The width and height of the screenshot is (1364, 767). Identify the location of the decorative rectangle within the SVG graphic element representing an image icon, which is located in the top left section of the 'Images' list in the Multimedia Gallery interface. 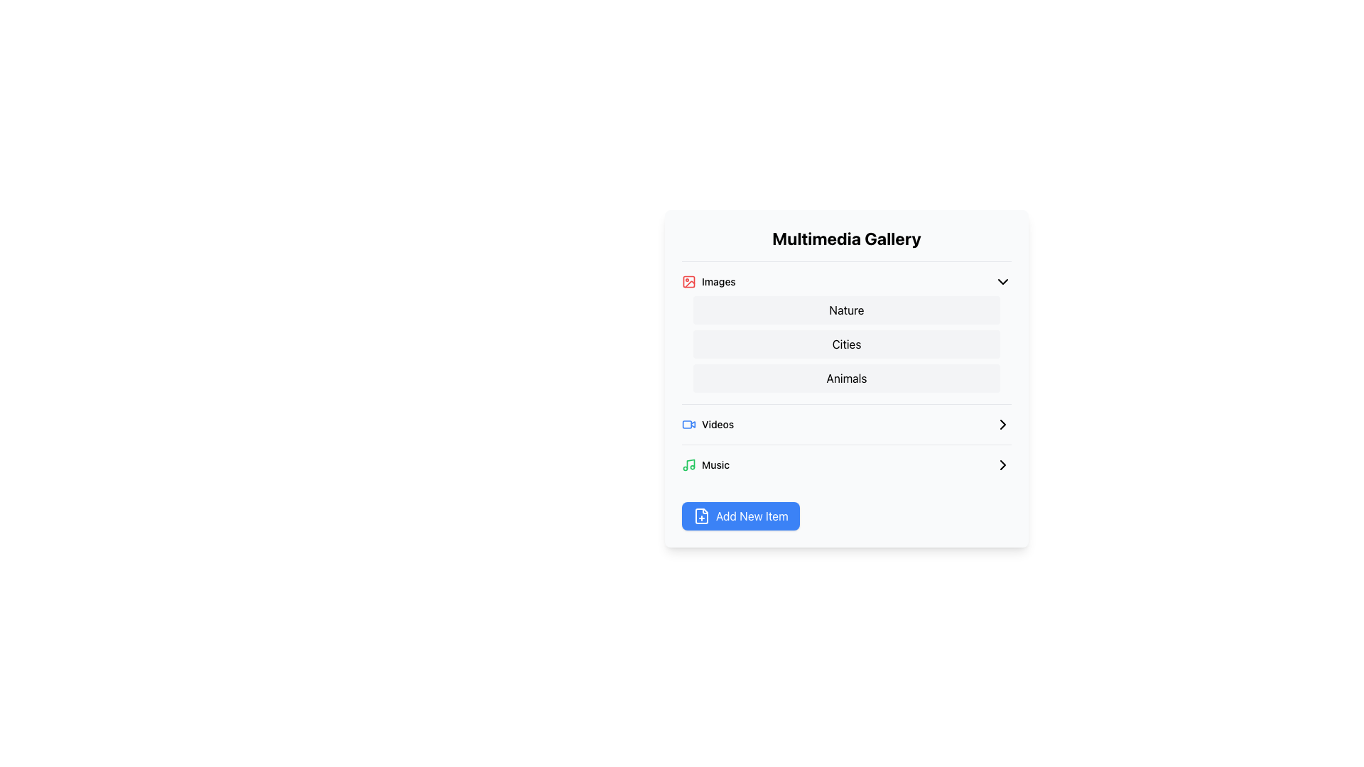
(688, 282).